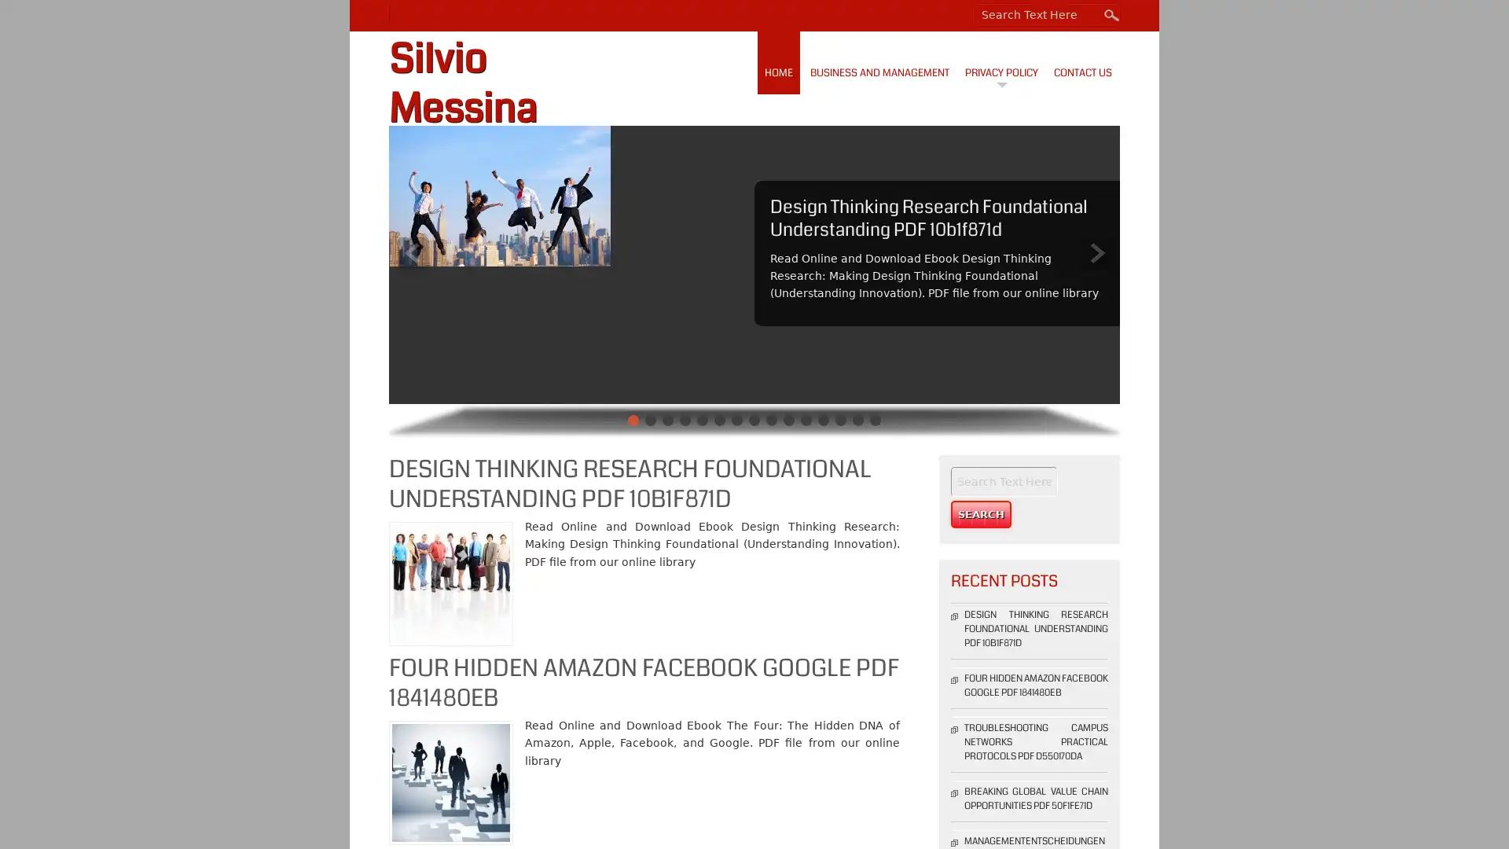 Image resolution: width=1509 pixels, height=849 pixels. Describe the element at coordinates (980, 514) in the screenshot. I see `Search` at that location.